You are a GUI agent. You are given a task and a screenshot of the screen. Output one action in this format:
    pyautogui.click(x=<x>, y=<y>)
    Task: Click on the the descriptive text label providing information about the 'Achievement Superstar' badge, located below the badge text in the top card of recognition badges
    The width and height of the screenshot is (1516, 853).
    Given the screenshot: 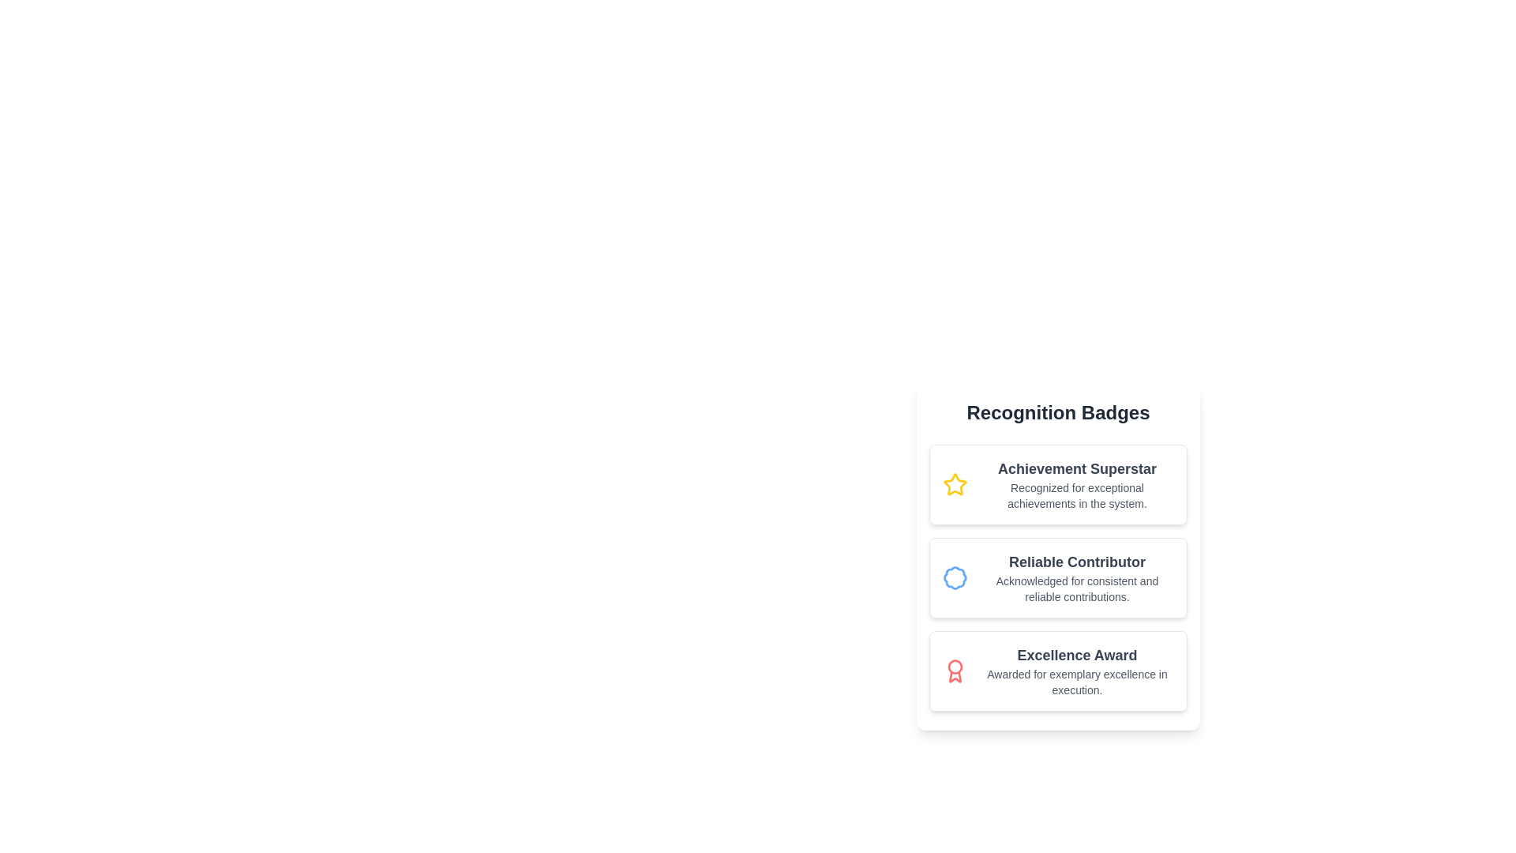 What is the action you would take?
    pyautogui.click(x=1076, y=495)
    